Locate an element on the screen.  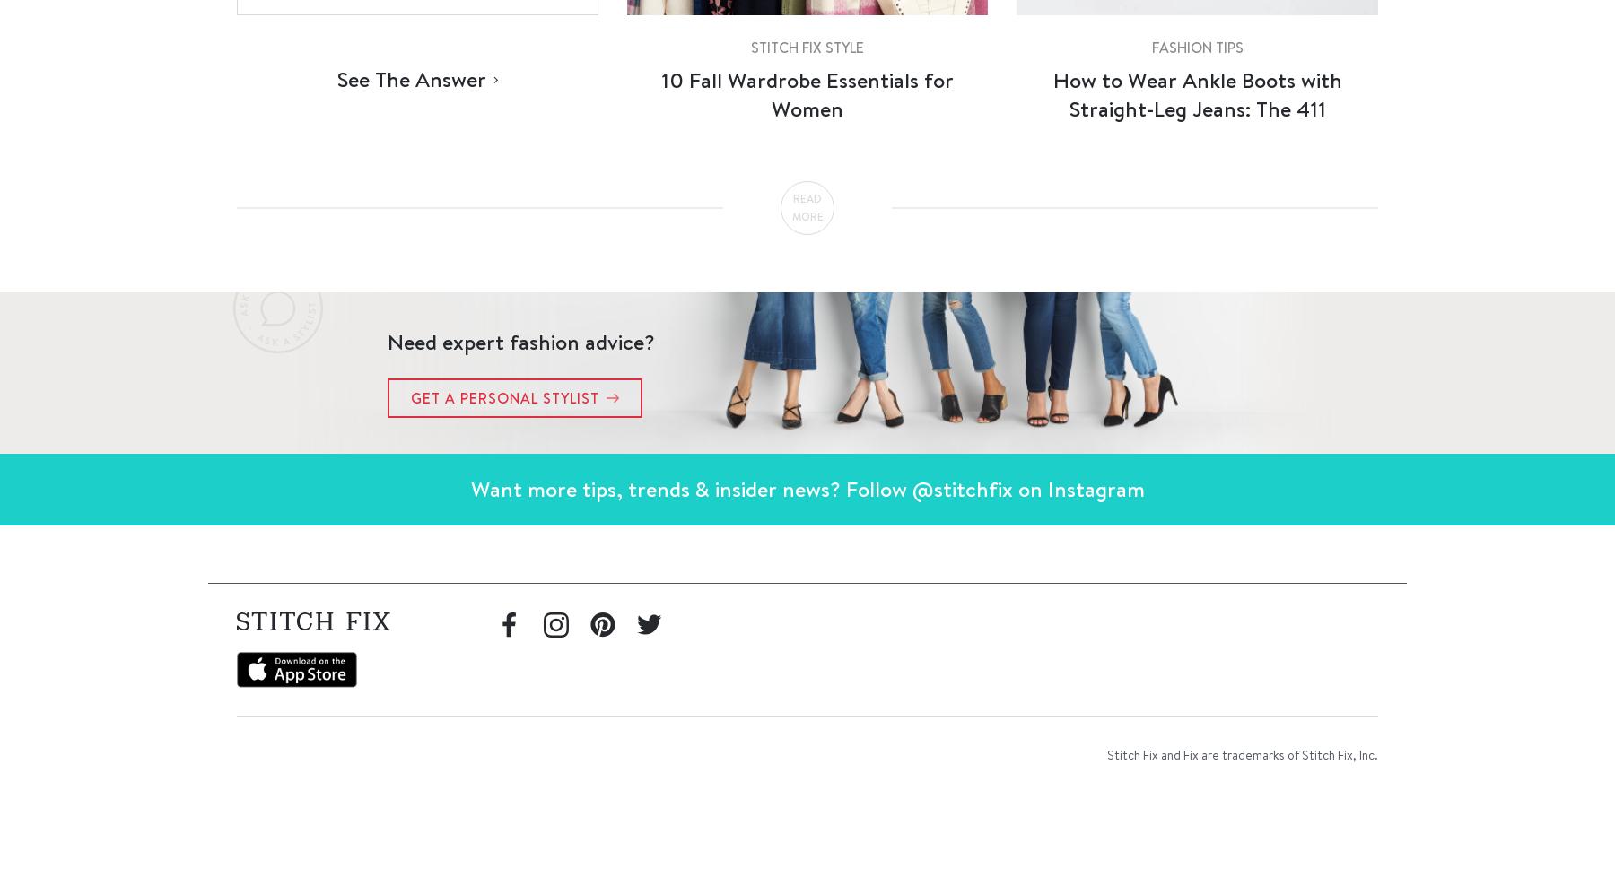
'Need expert fashion advice?' is located at coordinates (521, 340).